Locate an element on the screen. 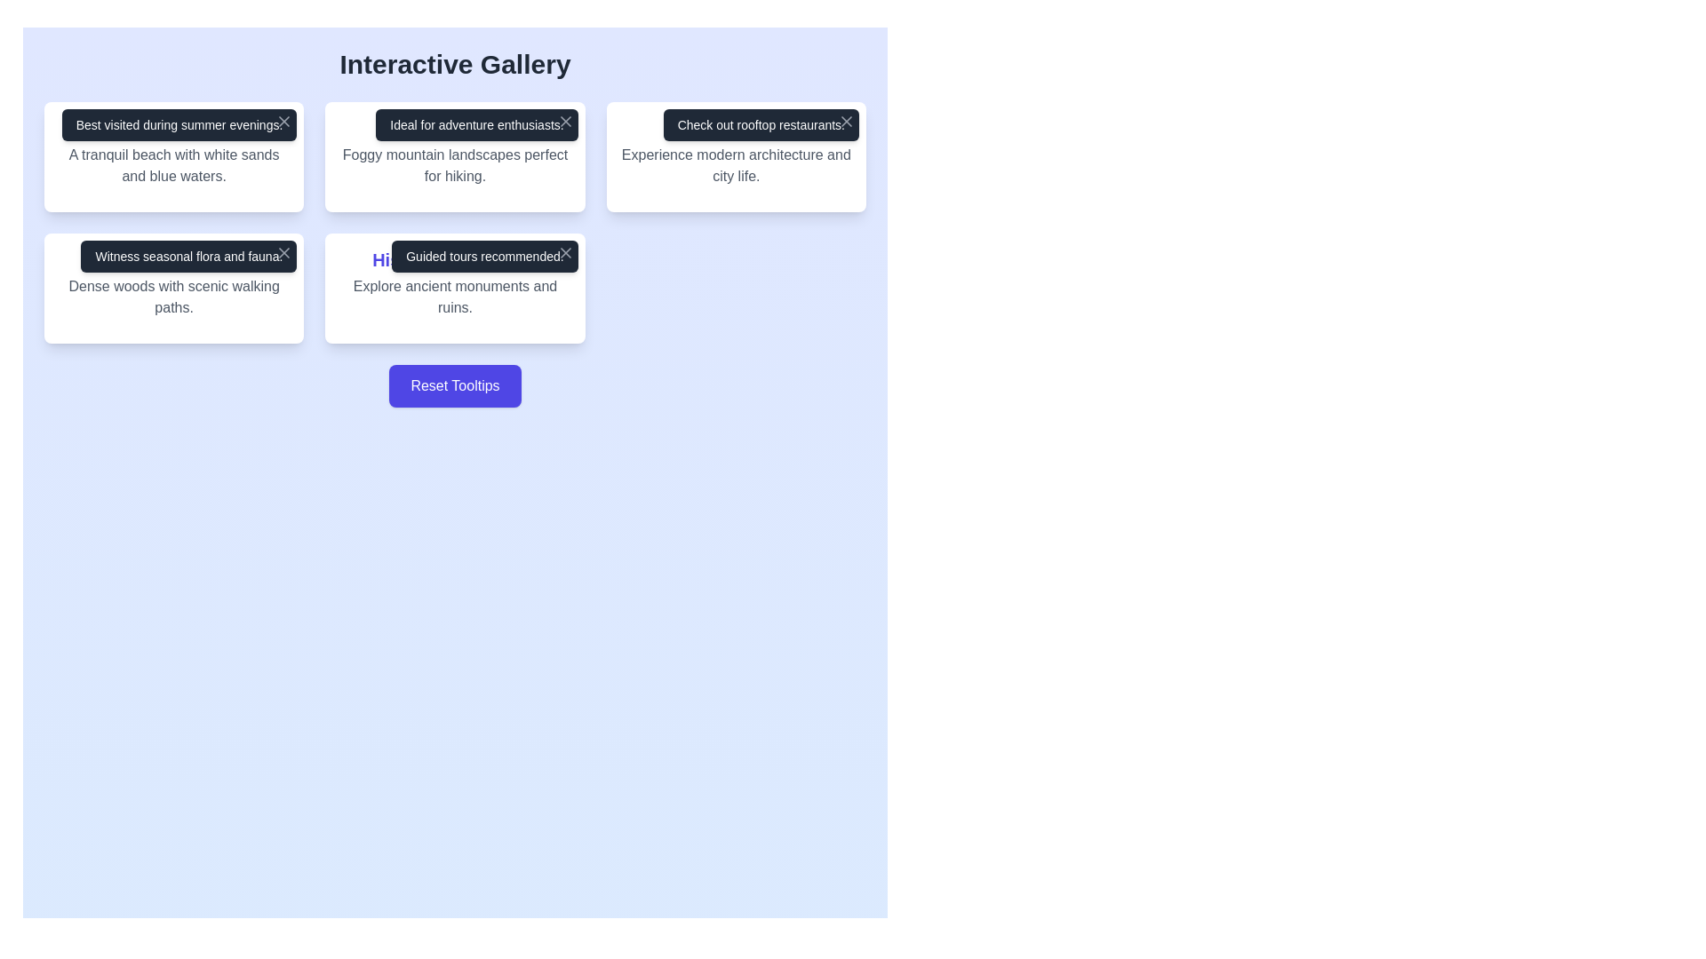 This screenshot has width=1706, height=959. text content of the title or heading text block located at the top right of the card component is located at coordinates (736, 128).